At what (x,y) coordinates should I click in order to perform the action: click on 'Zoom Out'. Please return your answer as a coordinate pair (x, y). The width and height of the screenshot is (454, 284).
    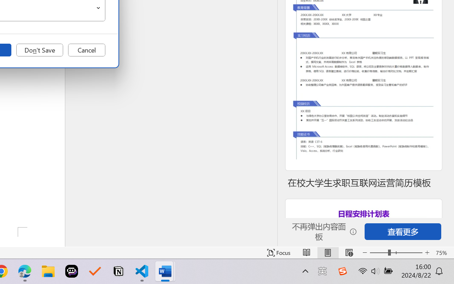
    Looking at the image, I should click on (378, 252).